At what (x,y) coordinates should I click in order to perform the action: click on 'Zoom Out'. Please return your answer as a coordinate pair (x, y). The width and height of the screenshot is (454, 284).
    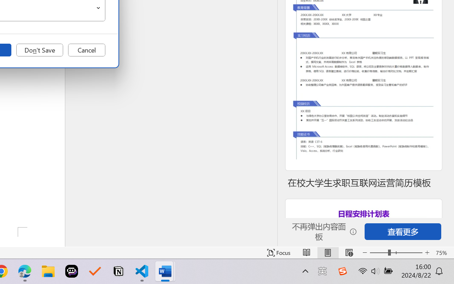
    Looking at the image, I should click on (378, 252).